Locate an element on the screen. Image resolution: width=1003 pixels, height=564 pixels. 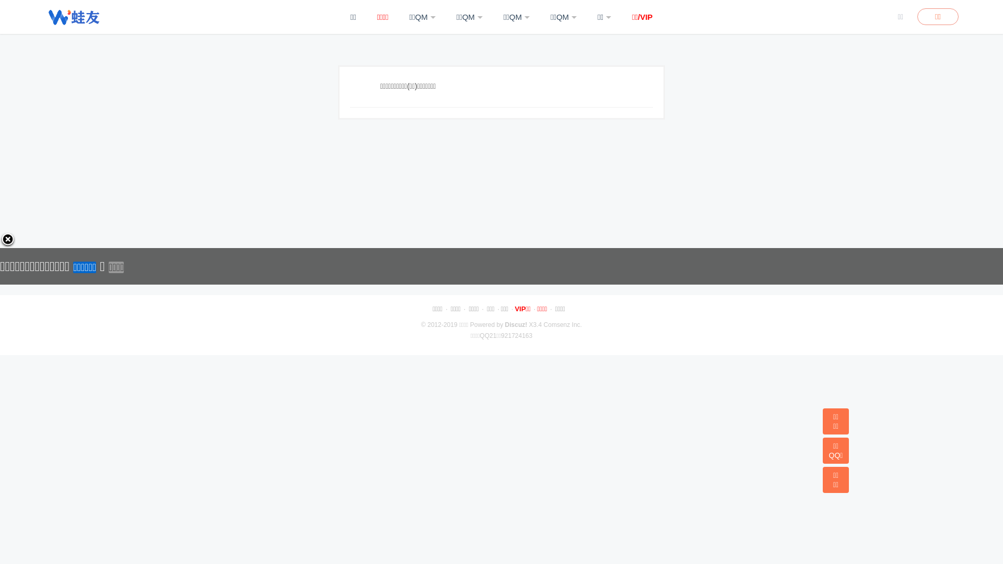
'Discuz!' is located at coordinates (516, 324).